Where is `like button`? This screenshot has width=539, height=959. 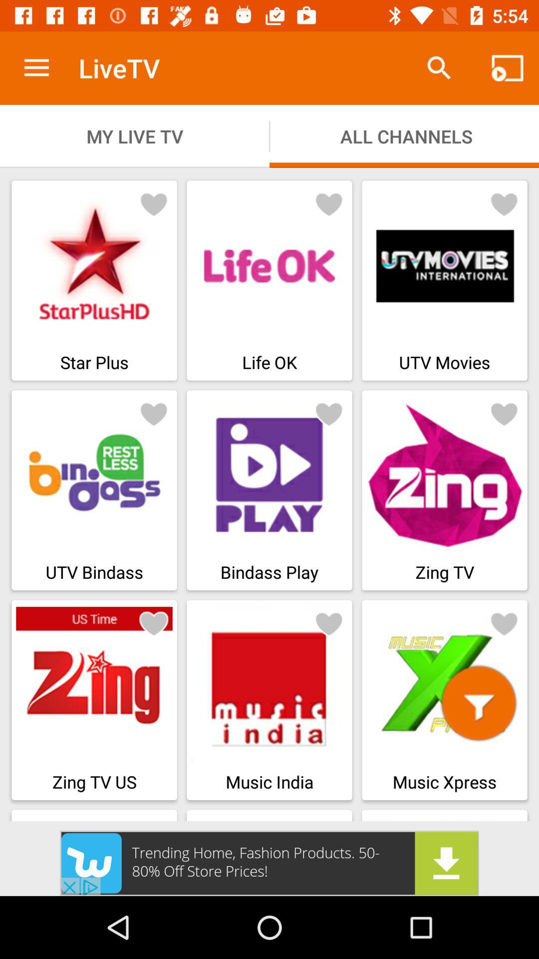 like button is located at coordinates (329, 623).